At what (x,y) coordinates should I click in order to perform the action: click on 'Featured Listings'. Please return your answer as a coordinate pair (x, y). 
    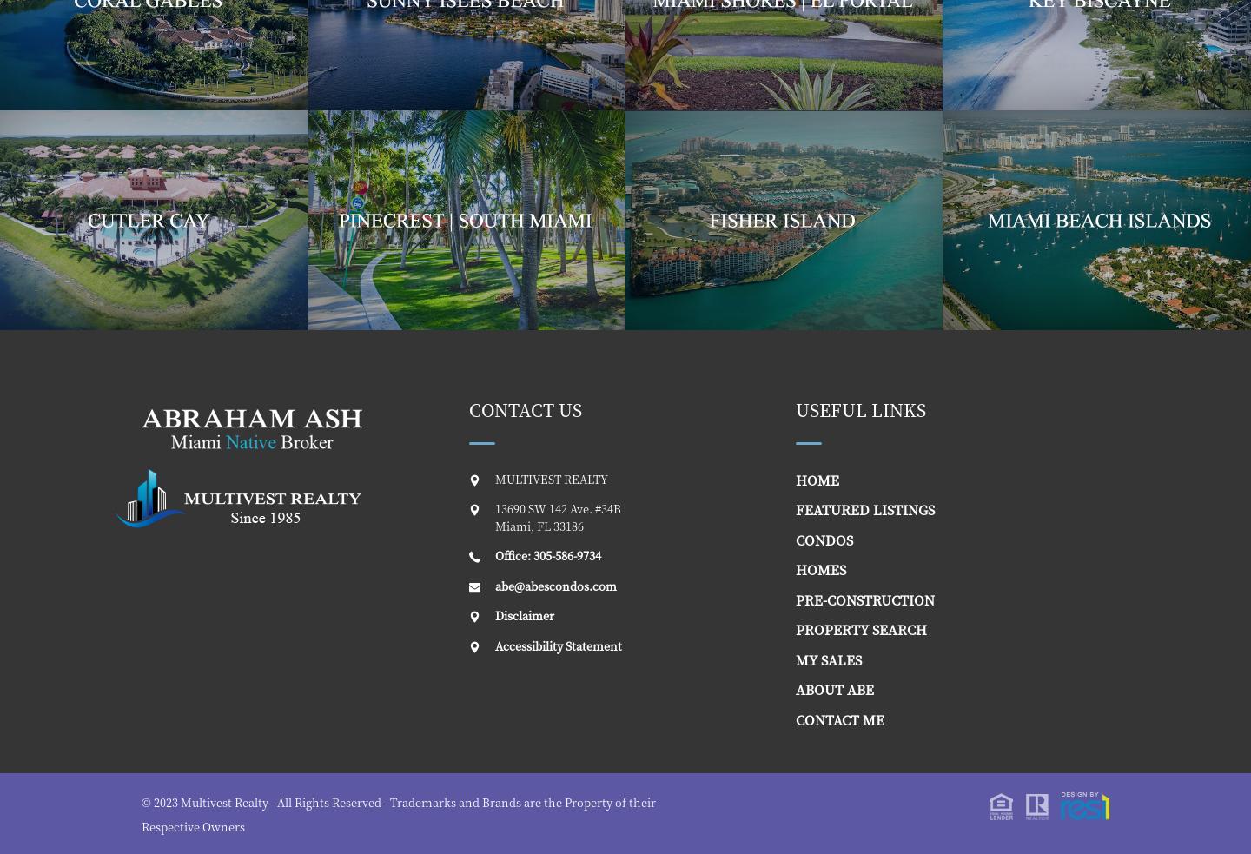
    Looking at the image, I should click on (864, 509).